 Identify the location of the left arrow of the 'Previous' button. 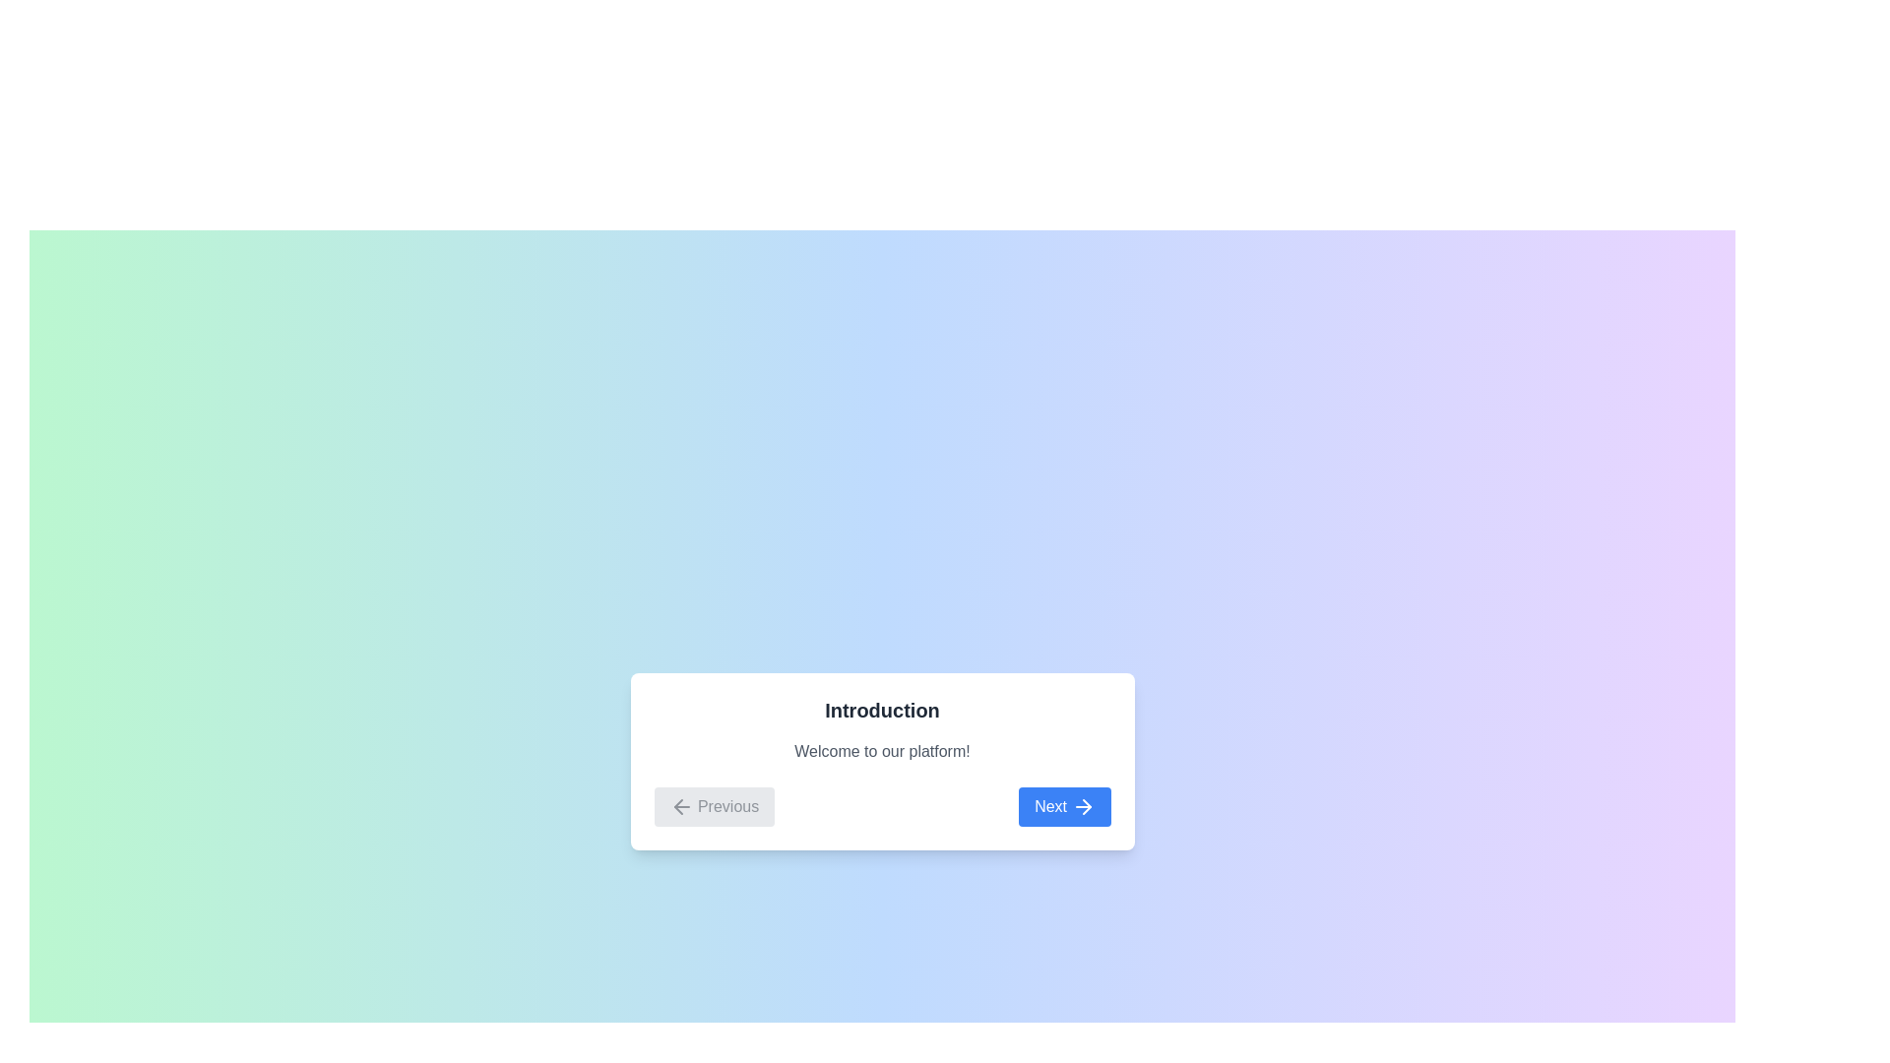
(678, 807).